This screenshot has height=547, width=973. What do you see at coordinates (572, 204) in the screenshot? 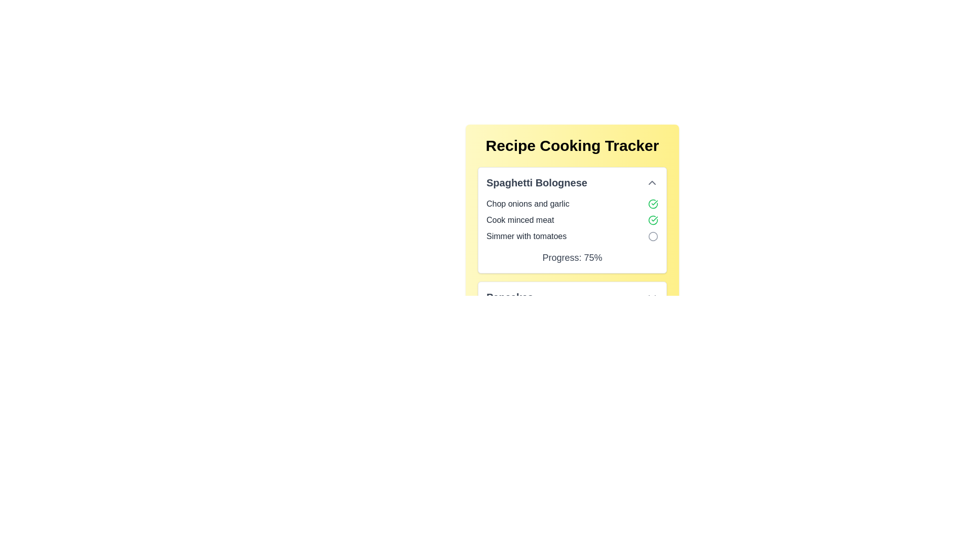
I see `the 'Chop onions and garlic' checklist item in the Recipe Cooking Tracker module to interact or edit the task` at bounding box center [572, 204].